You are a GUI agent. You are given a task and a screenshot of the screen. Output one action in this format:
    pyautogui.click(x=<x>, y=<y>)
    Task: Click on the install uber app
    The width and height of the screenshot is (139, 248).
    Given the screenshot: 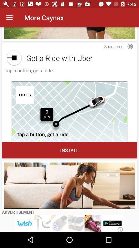 What is the action you would take?
    pyautogui.click(x=69, y=112)
    